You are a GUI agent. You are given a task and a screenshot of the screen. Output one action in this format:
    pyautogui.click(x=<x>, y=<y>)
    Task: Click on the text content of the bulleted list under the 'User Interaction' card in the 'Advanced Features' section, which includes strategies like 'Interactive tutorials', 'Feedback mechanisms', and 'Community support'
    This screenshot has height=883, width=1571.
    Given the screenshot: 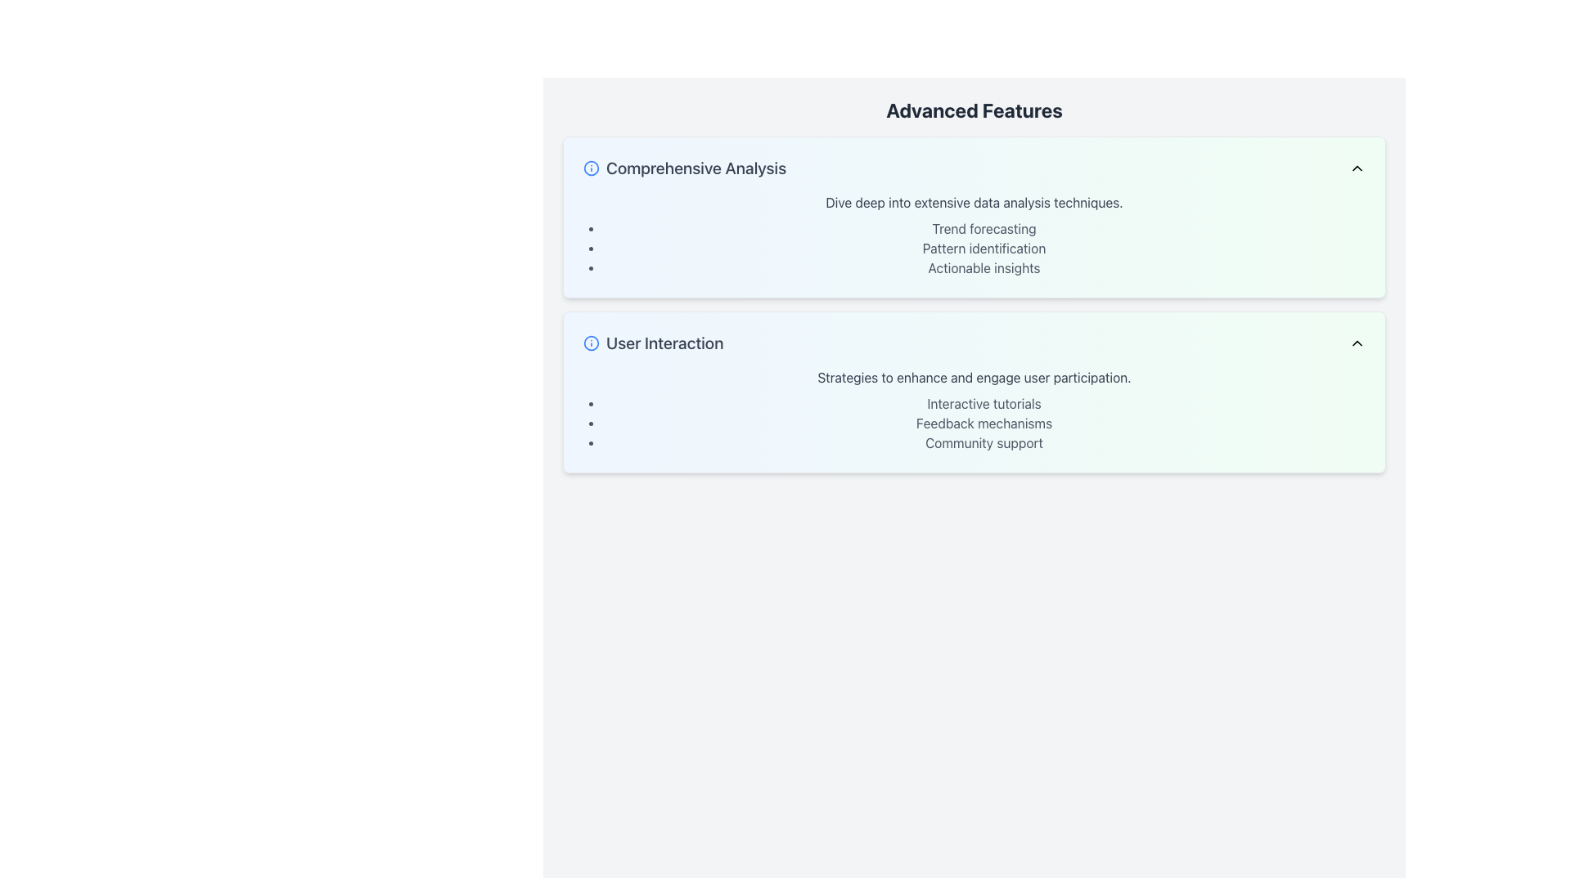 What is the action you would take?
    pyautogui.click(x=974, y=409)
    